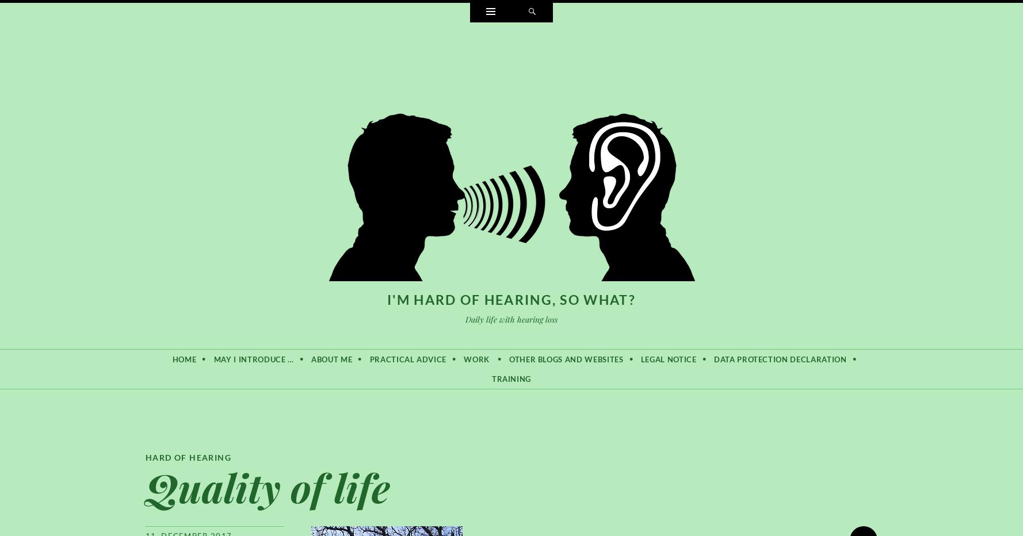 This screenshot has width=1023, height=536. What do you see at coordinates (184, 358) in the screenshot?
I see `'Home'` at bounding box center [184, 358].